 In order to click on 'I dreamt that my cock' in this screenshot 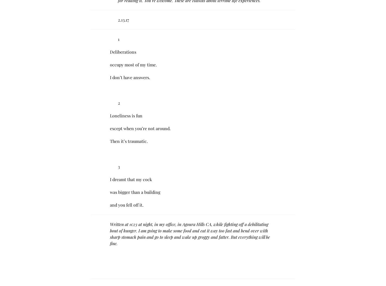, I will do `click(131, 179)`.